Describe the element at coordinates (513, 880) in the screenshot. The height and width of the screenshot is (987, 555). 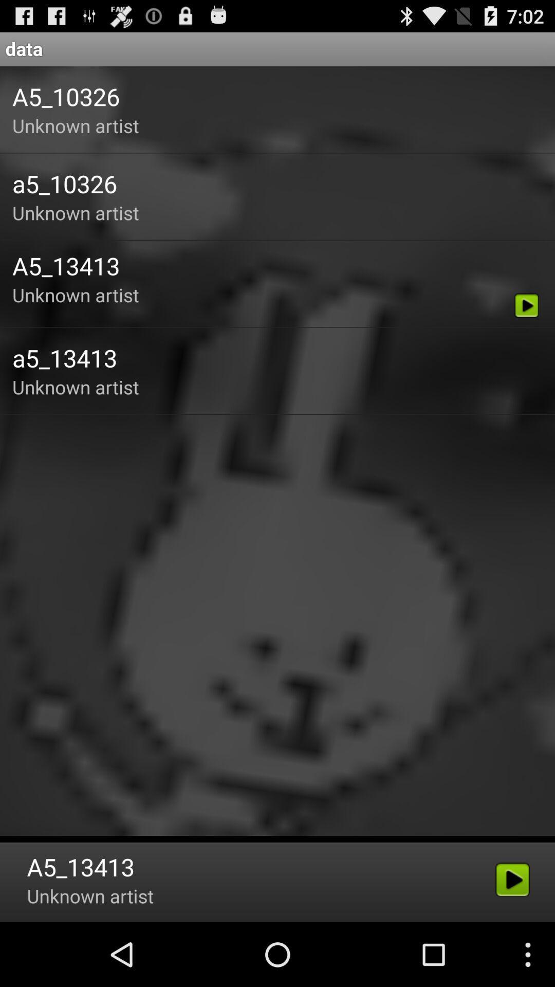
I see `the last play icon` at that location.